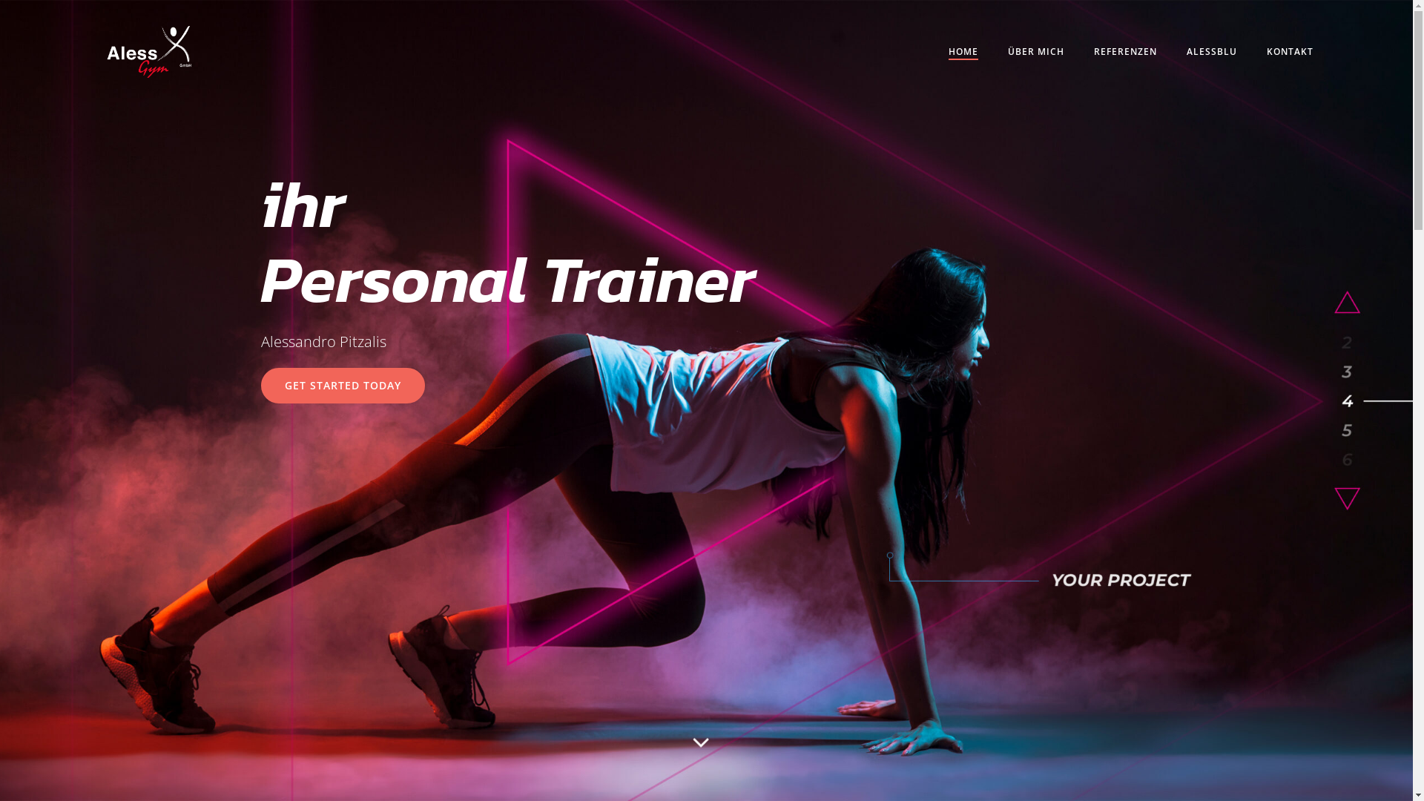 This screenshot has height=801, width=1424. Describe the element at coordinates (963, 50) in the screenshot. I see `'HOME'` at that location.